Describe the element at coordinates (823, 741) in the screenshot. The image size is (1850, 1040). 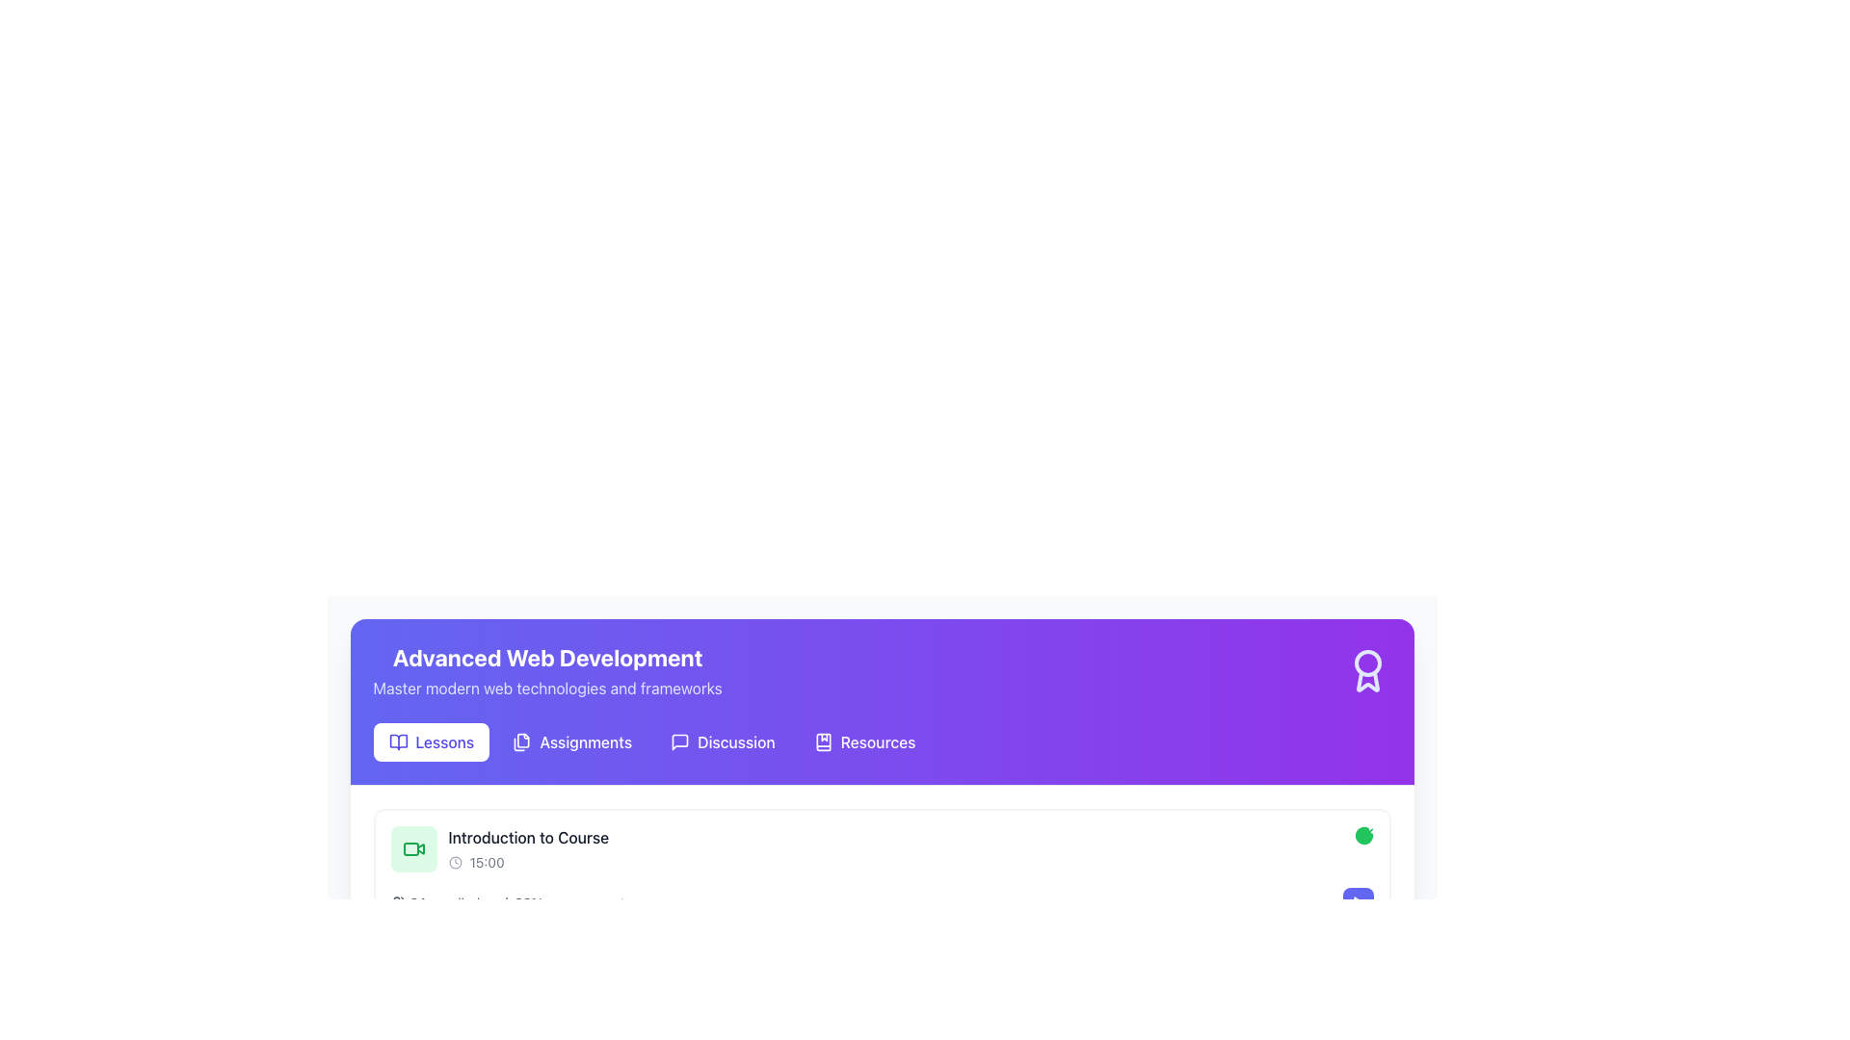
I see `the bookmark icon` at that location.